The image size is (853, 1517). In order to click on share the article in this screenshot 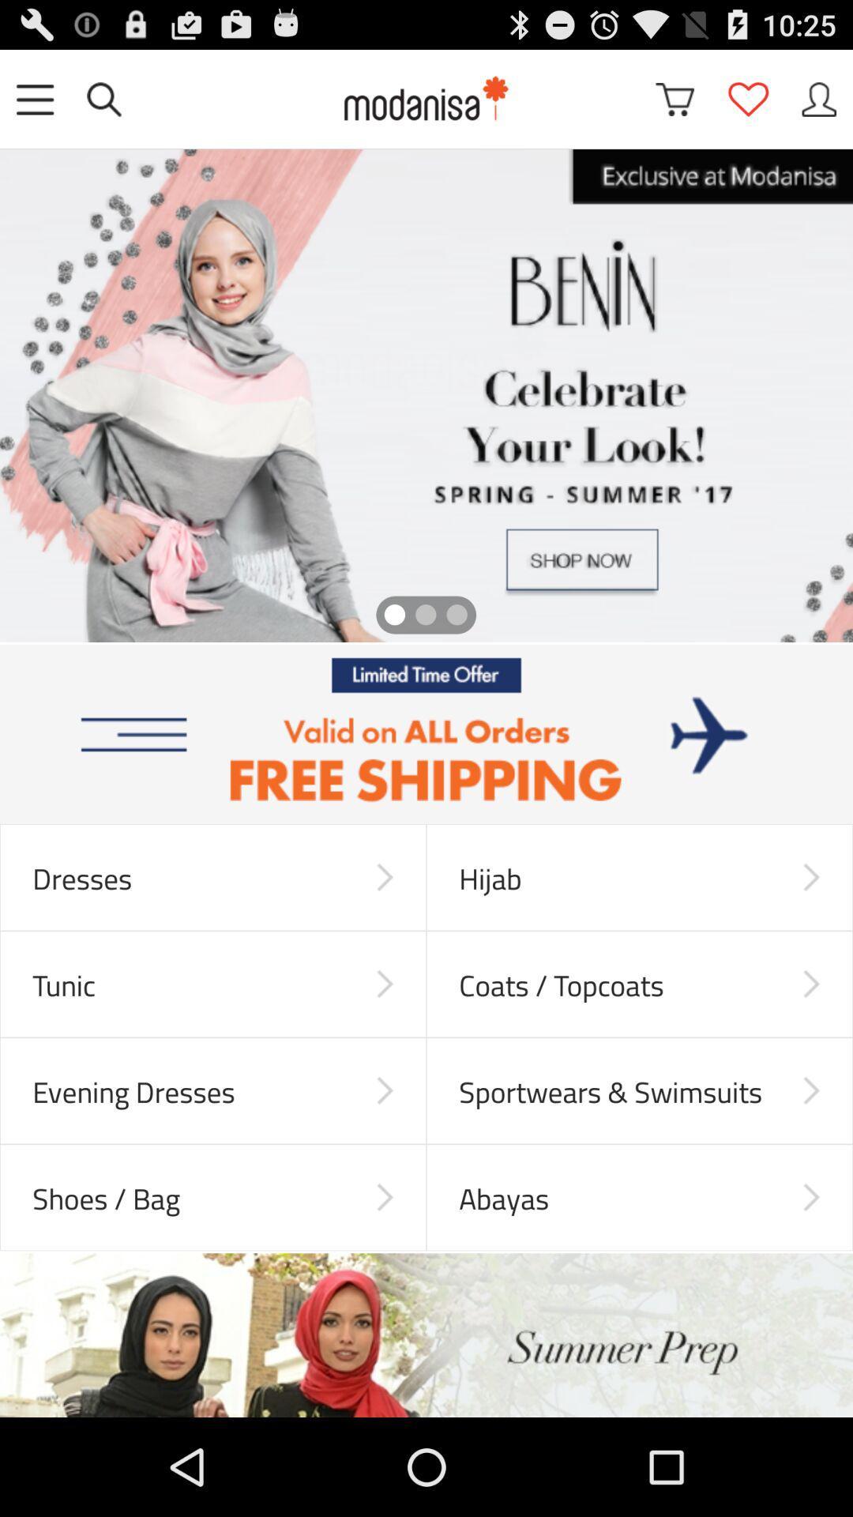, I will do `click(426, 733)`.